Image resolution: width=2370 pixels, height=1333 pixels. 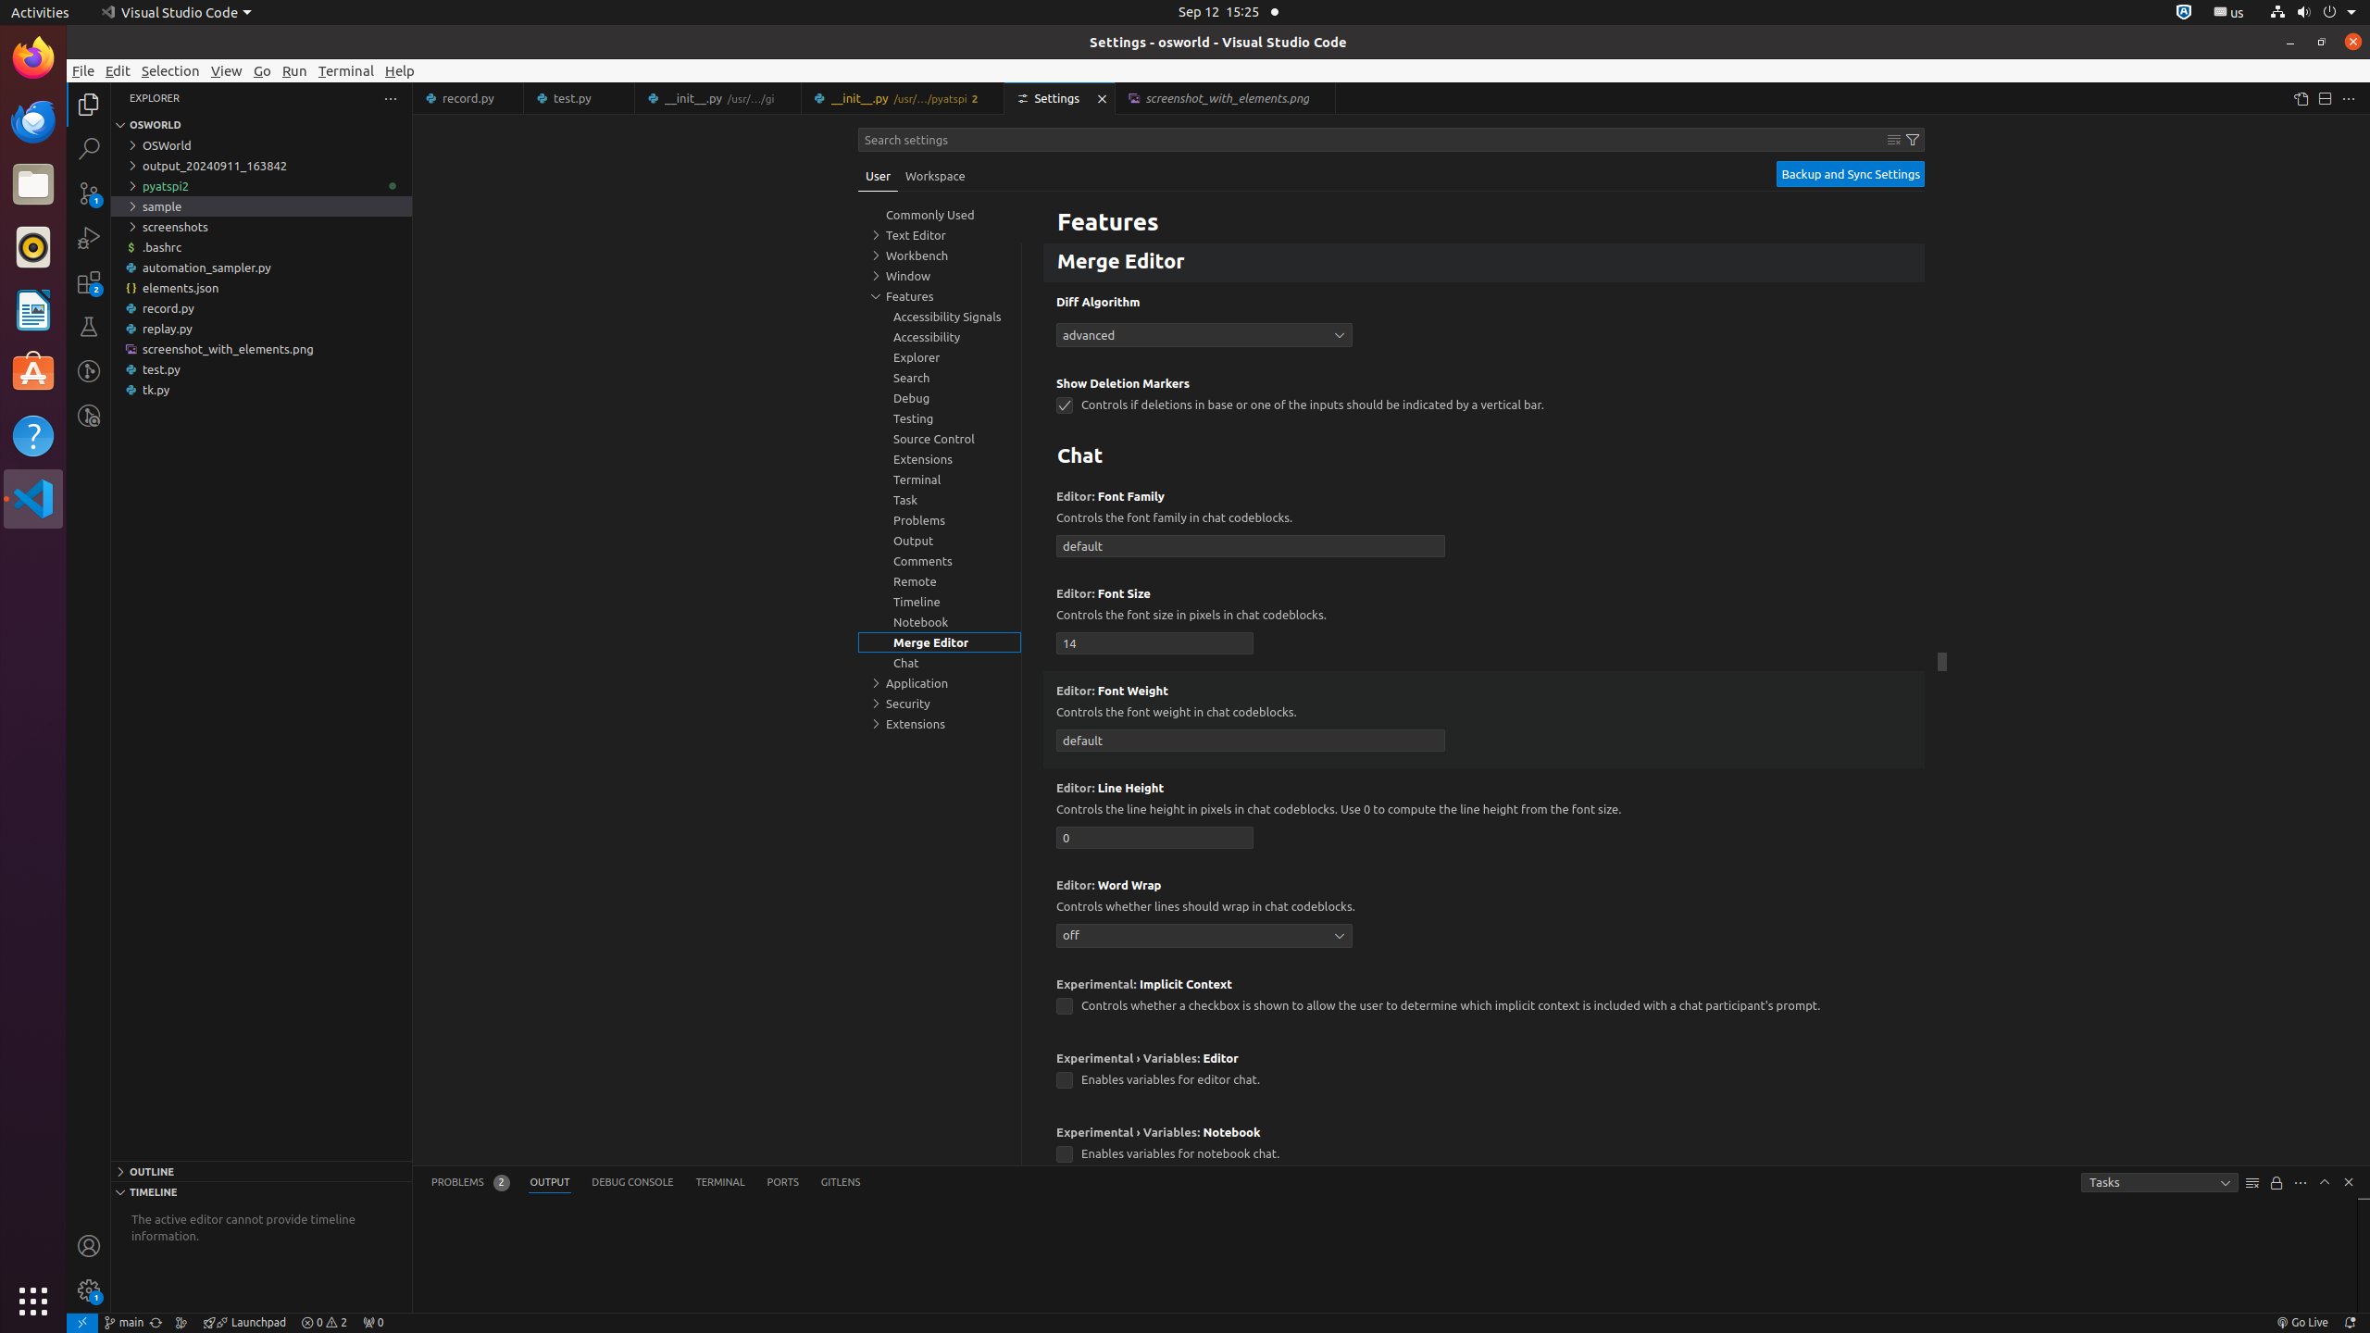 I want to click on 'off', so click(x=1204, y=935).